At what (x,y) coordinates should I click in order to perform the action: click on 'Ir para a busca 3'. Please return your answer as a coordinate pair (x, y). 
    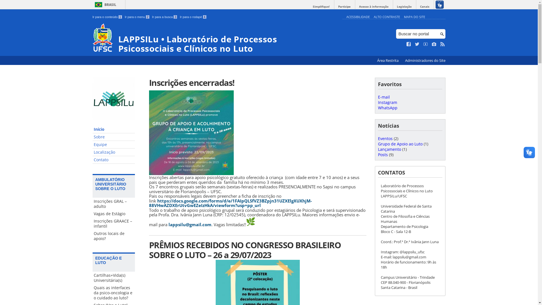
    Looking at the image, I should click on (164, 17).